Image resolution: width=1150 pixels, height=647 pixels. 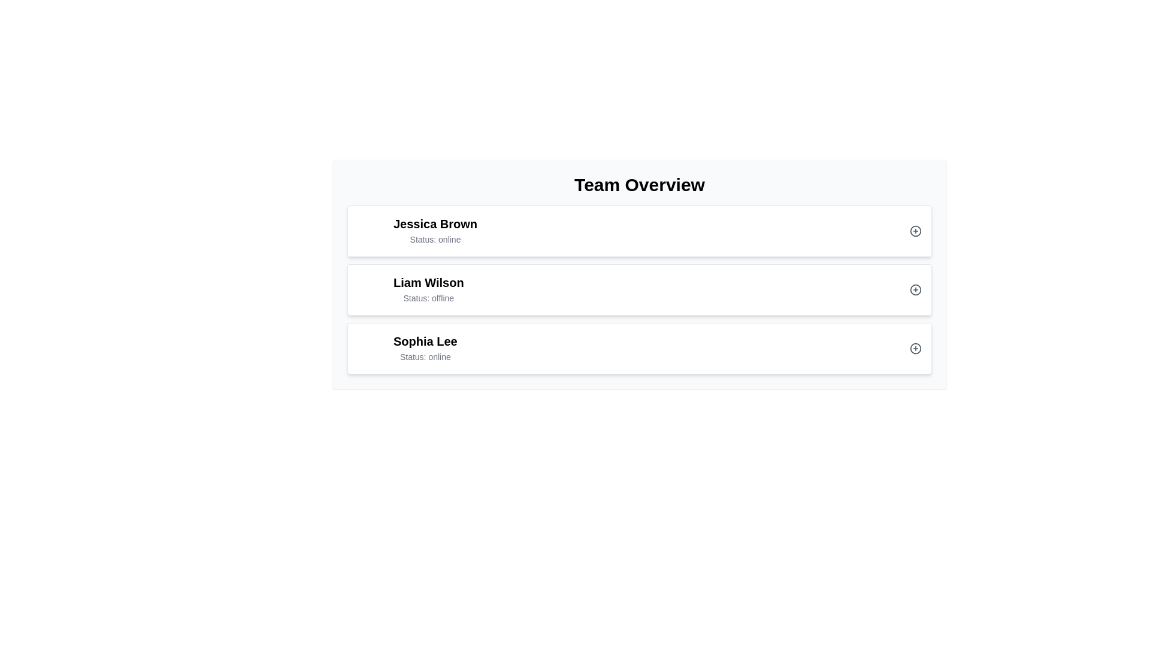 What do you see at coordinates (428, 297) in the screenshot?
I see `the 'offline' status text label located in the 'Liam Wilson' user information card, which is centered horizontally below the name text` at bounding box center [428, 297].